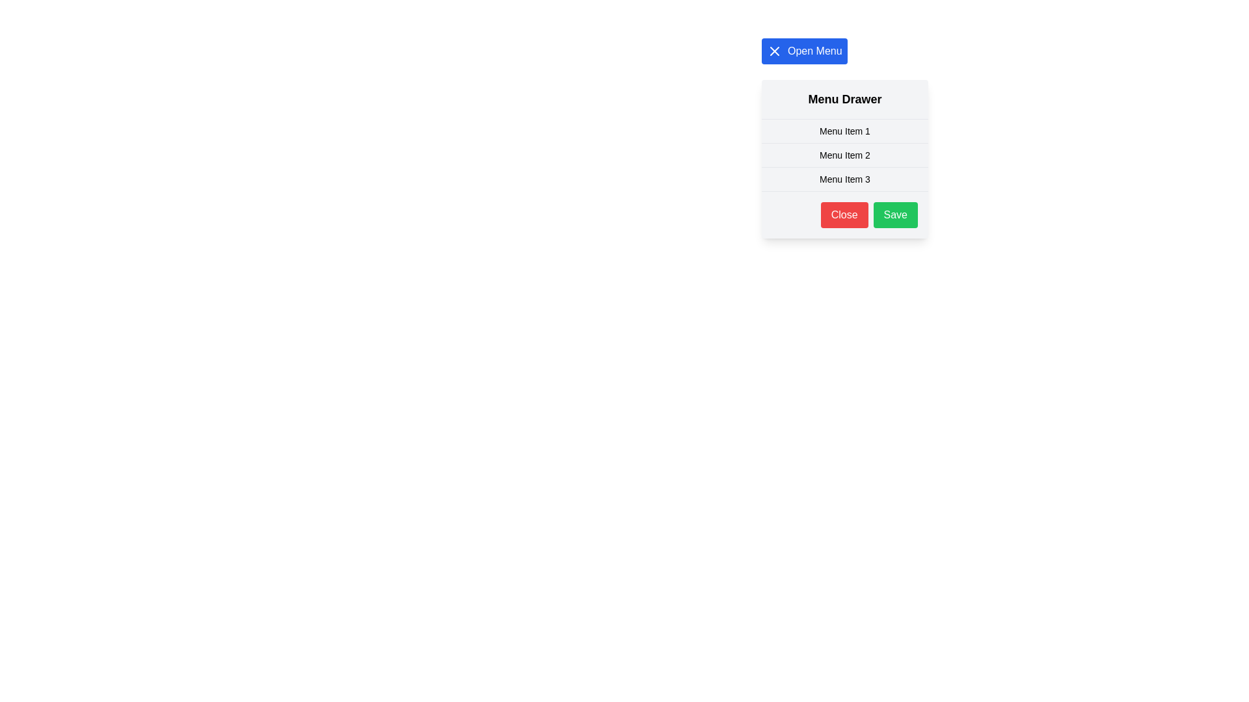 This screenshot has height=702, width=1249. I want to click on the Static Label at the top of the menu drawer that indicates its purpose or context to the user, so click(845, 99).